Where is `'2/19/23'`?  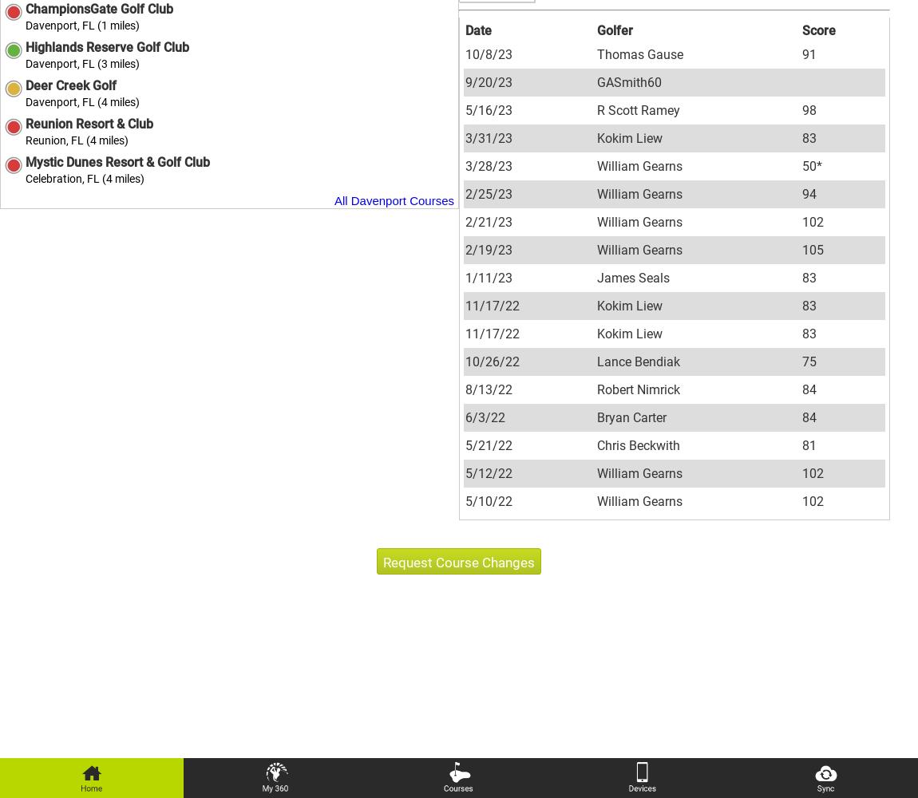
'2/19/23' is located at coordinates (488, 249).